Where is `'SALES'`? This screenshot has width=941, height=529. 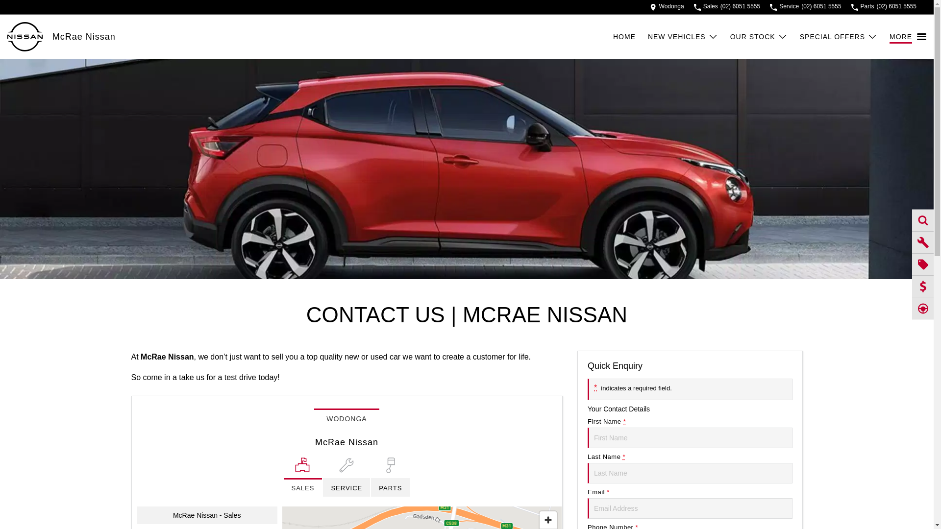
'SALES' is located at coordinates (302, 477).